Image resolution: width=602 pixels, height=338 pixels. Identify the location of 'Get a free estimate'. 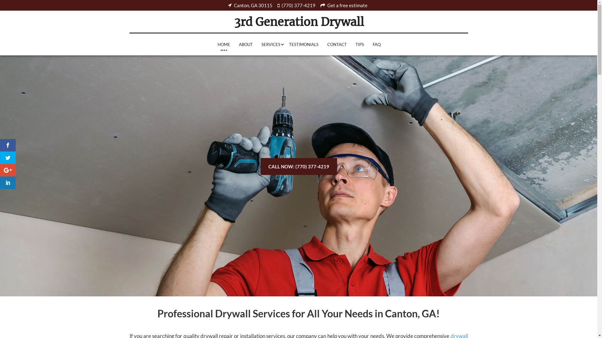
(344, 5).